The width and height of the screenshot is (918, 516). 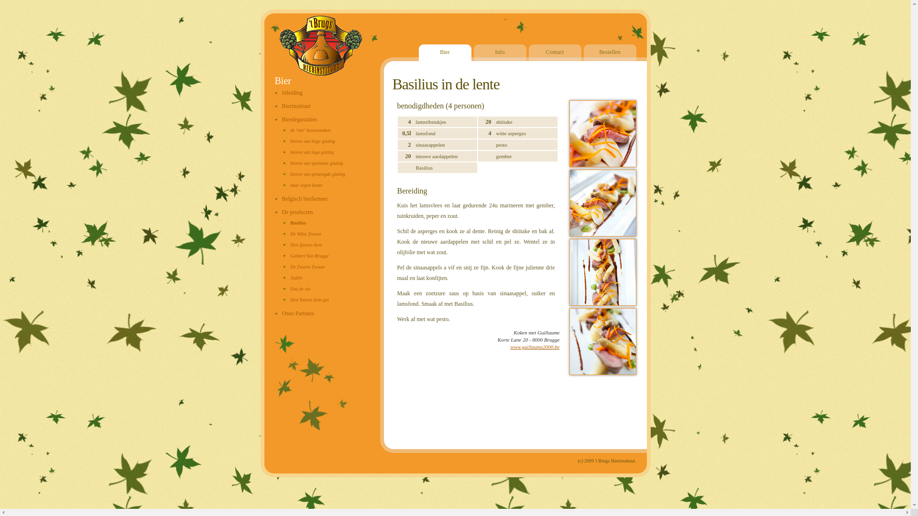 I want to click on 'Bestellen', so click(x=609, y=53).